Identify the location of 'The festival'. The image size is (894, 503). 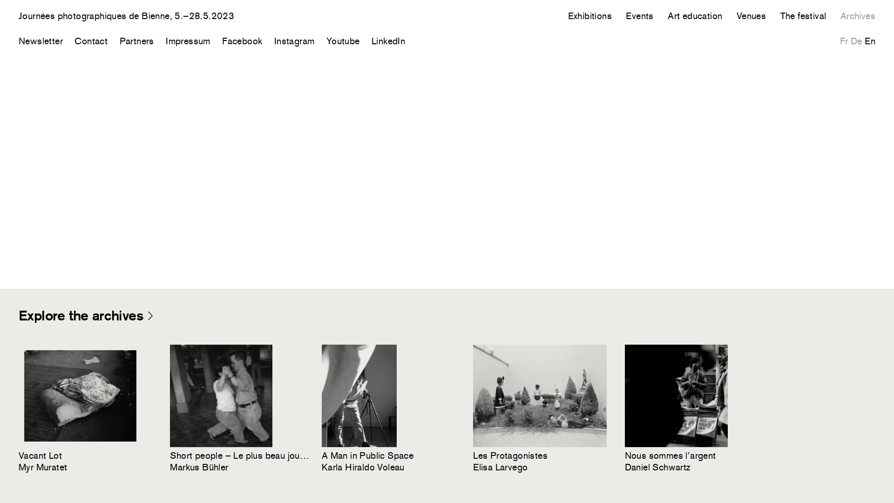
(780, 16).